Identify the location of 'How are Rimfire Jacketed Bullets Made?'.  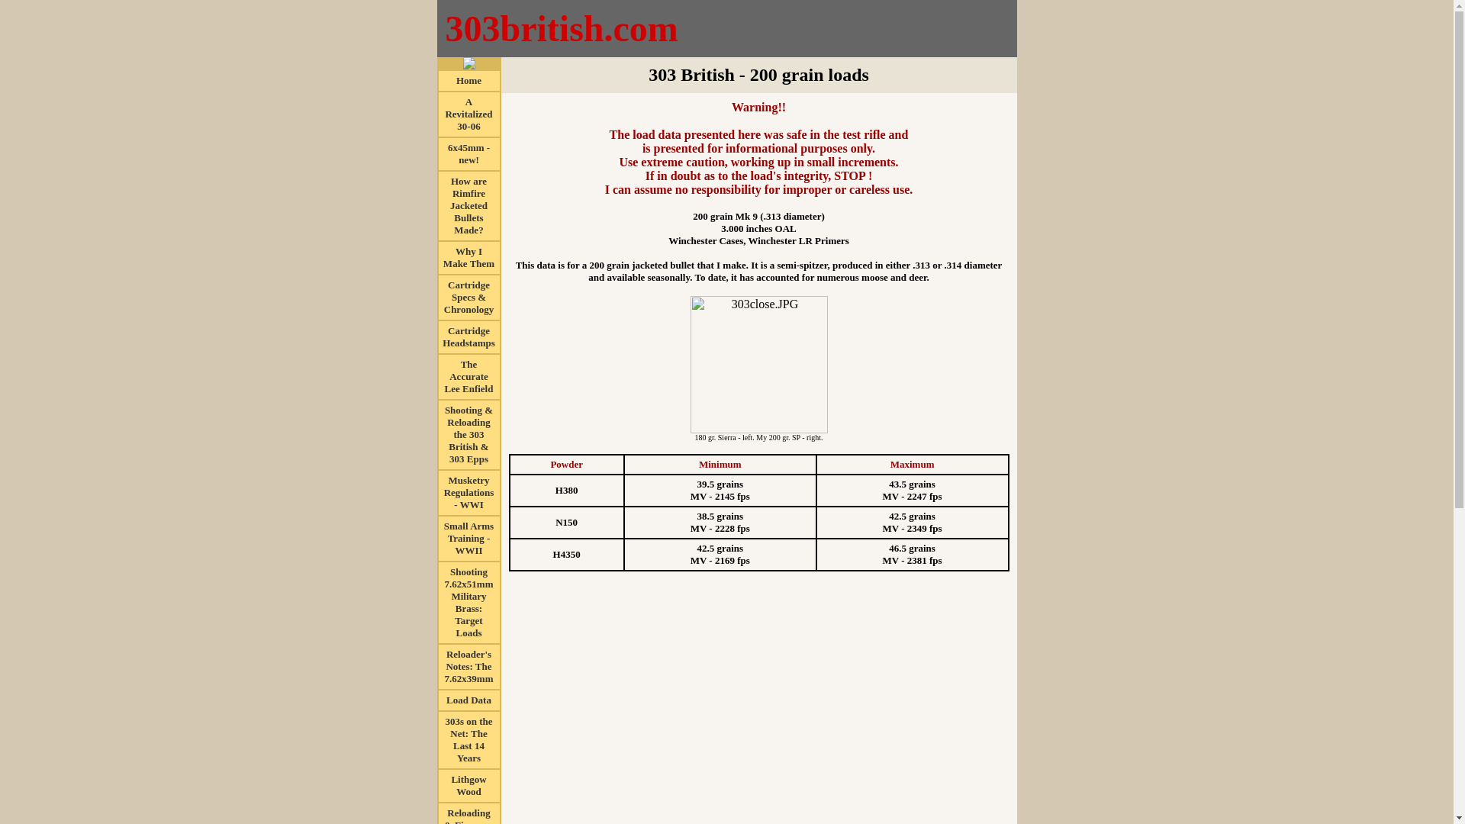
(468, 204).